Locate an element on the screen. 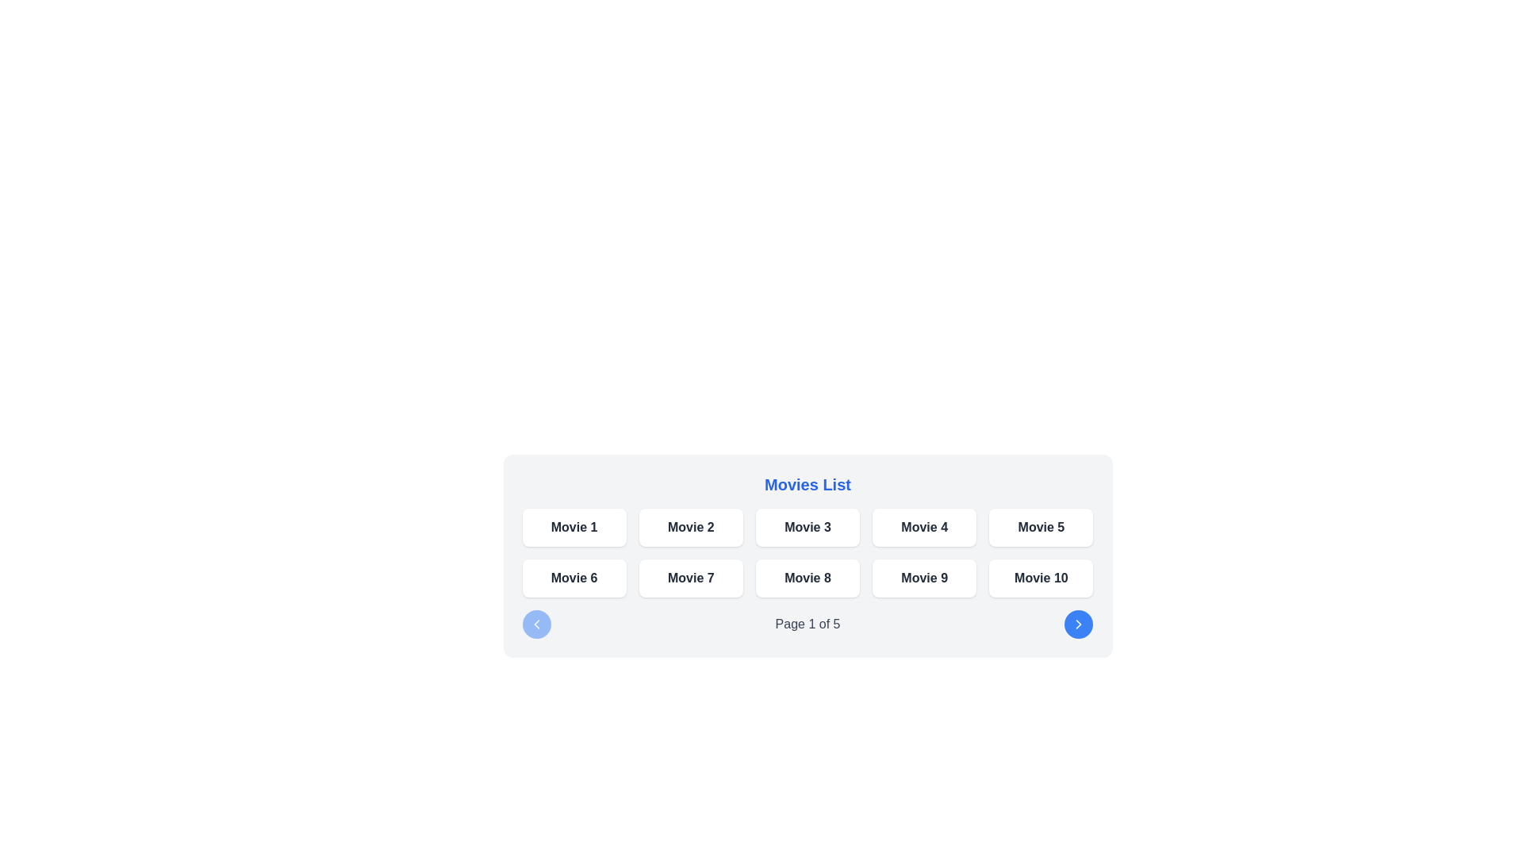 The height and width of the screenshot is (857, 1523). the 'Movie 4' button, which is a rectangular button with rounded corners and a white background, located in the first row of the movie buttons grid labeled 'Movies List' is located at coordinates (924, 527).